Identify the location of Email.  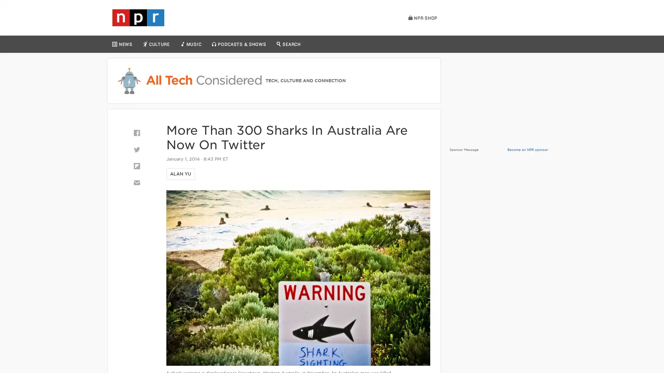
(136, 182).